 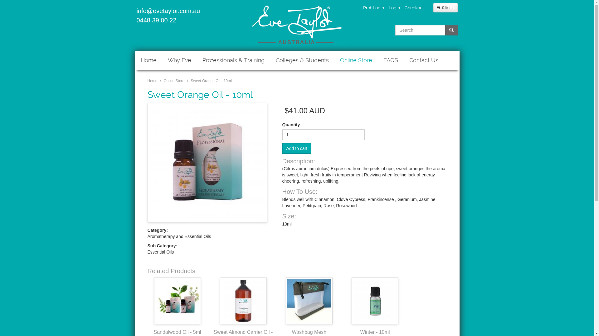 I want to click on 'Prof Login', so click(x=373, y=7).